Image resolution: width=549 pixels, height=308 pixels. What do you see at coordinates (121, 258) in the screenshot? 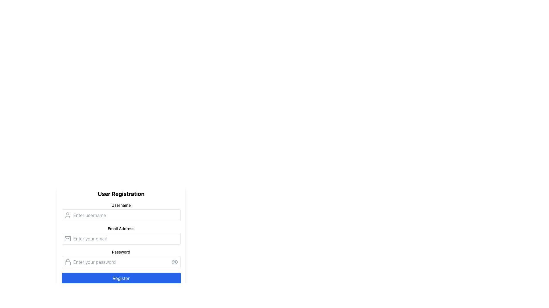
I see `the Password input field labeled 'Password' to focus` at bounding box center [121, 258].